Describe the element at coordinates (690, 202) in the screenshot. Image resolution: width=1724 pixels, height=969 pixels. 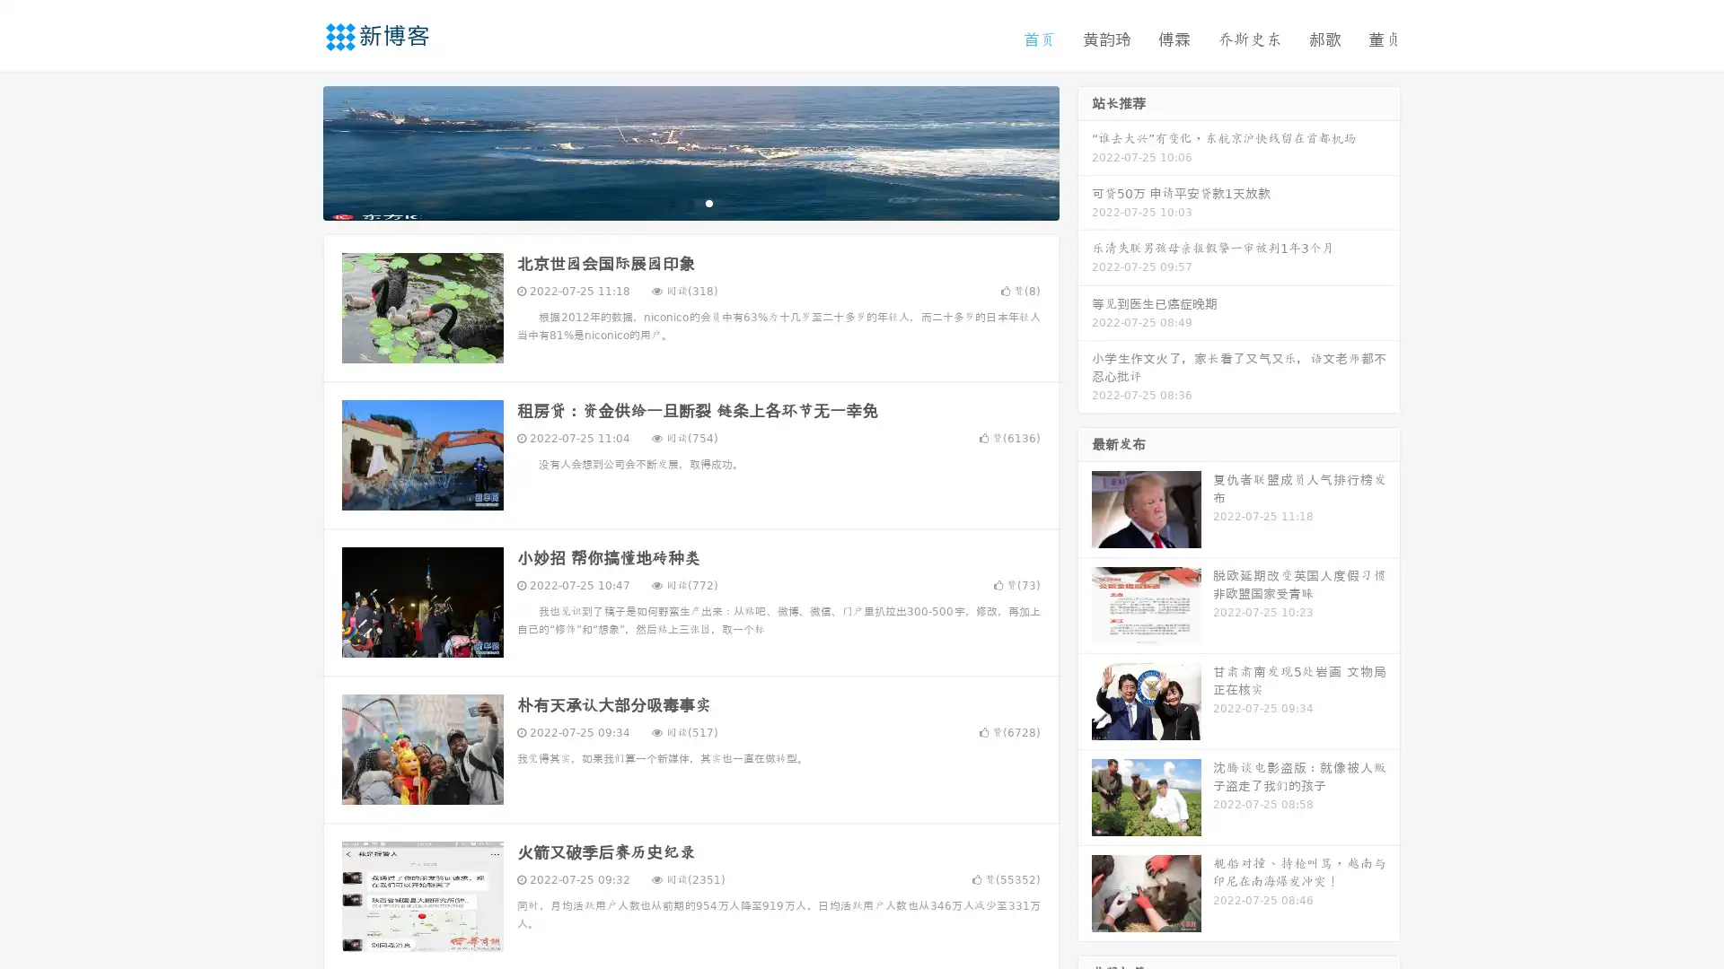
I see `Go to slide 2` at that location.